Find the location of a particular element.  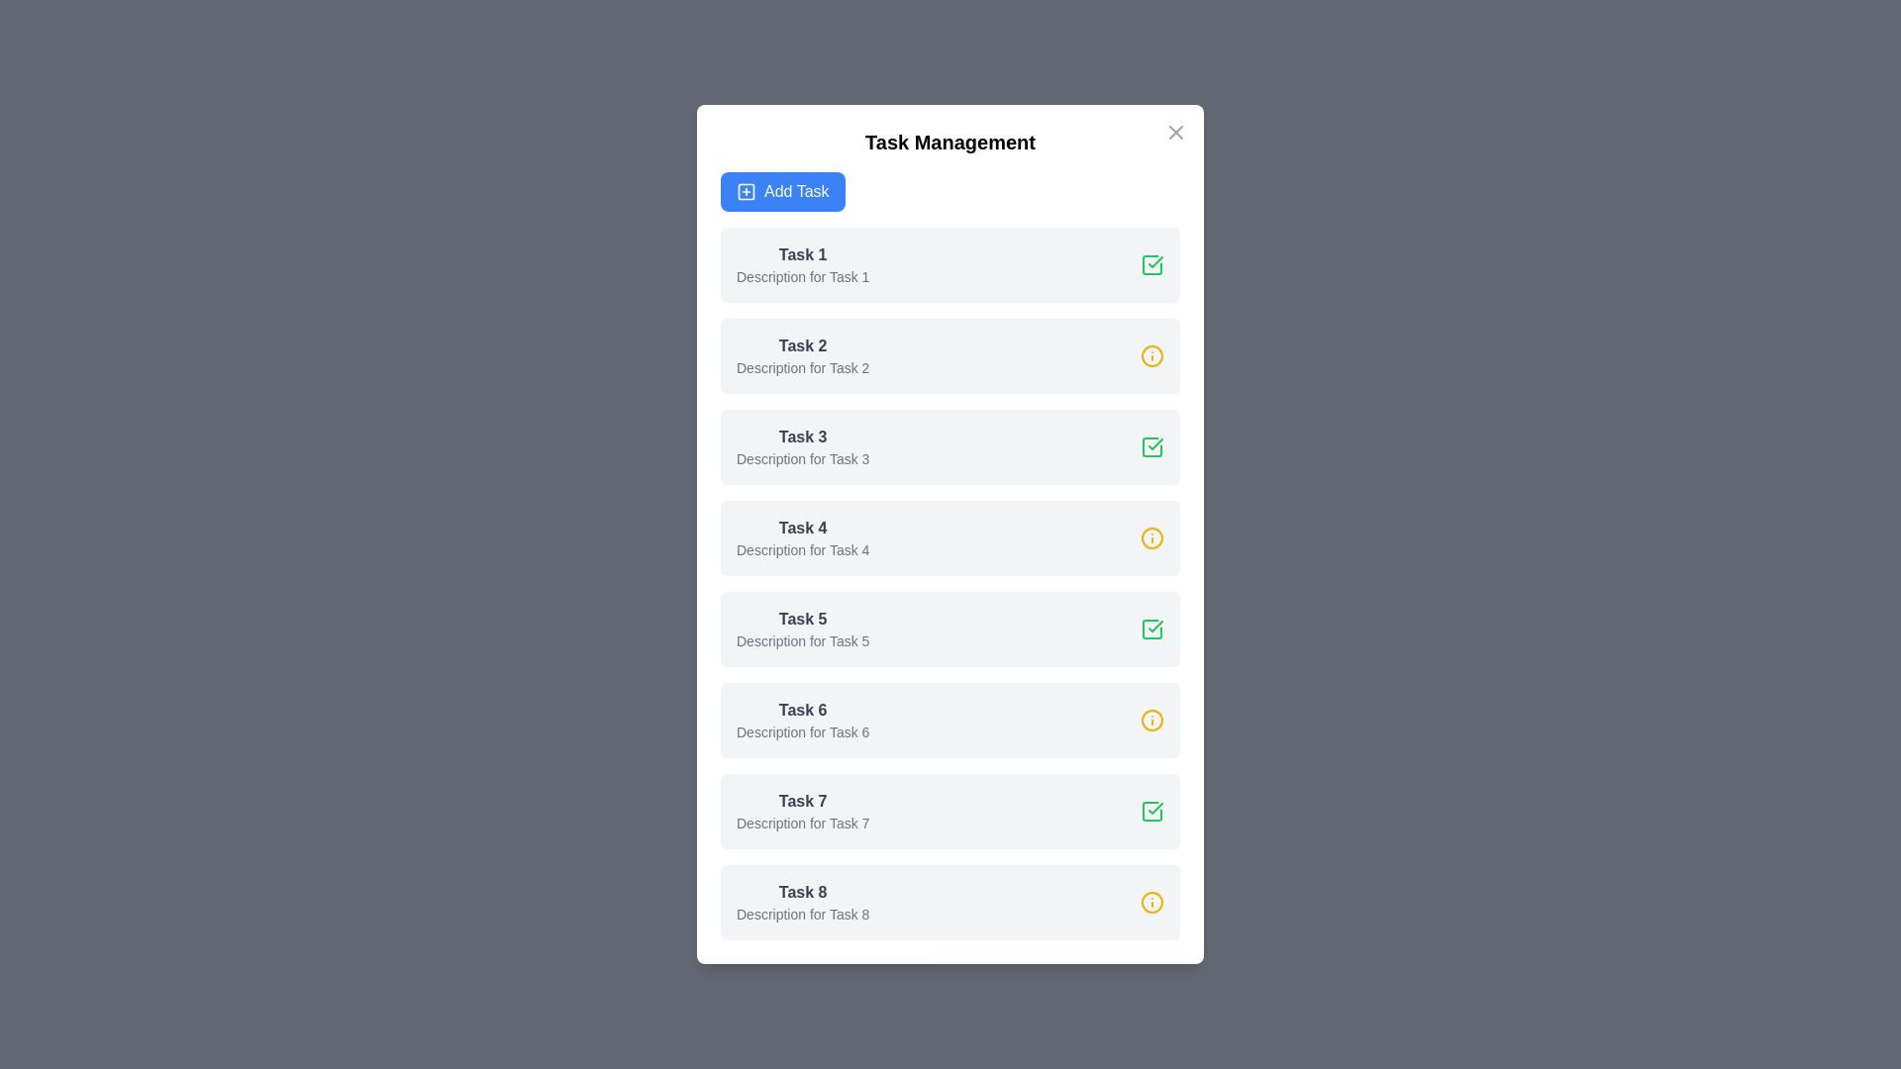

close button at the top-right corner of the TaskManagerDialog is located at coordinates (1176, 133).